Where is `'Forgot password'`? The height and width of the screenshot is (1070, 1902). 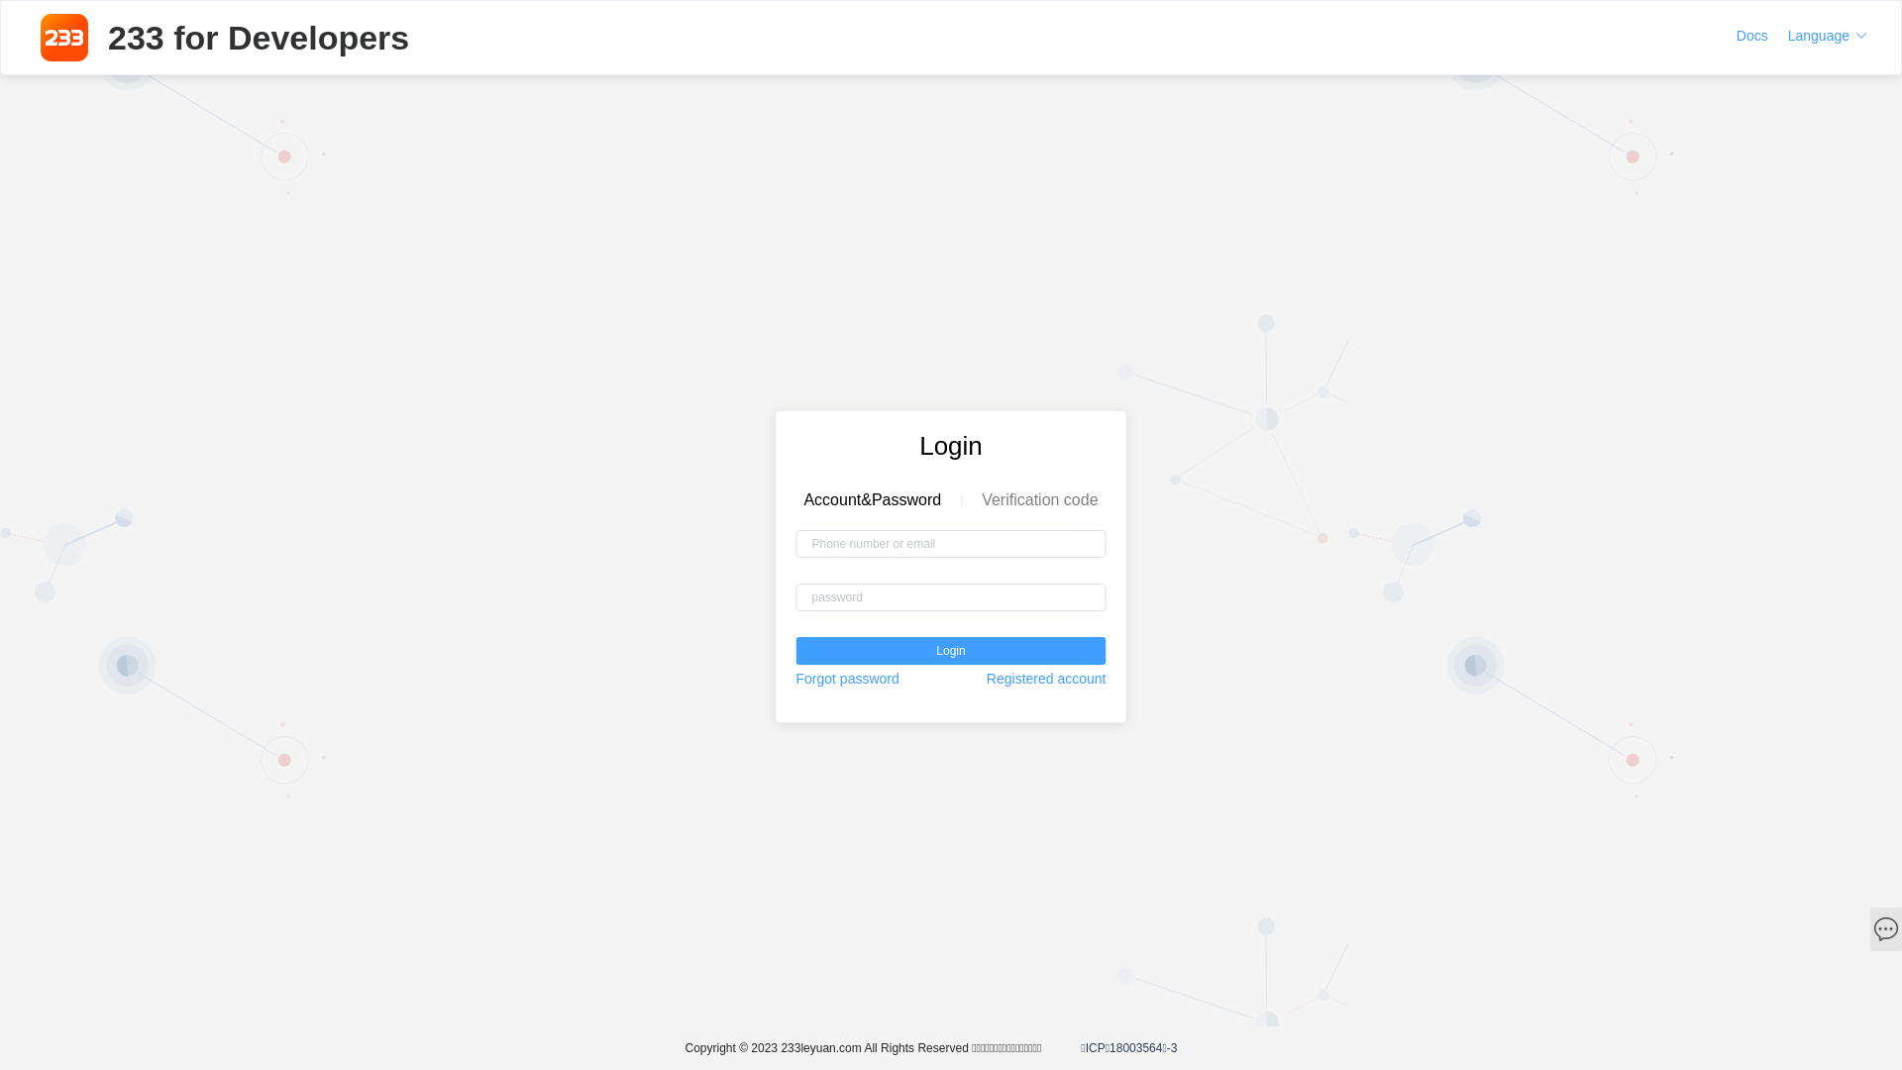
'Forgot password' is located at coordinates (847, 678).